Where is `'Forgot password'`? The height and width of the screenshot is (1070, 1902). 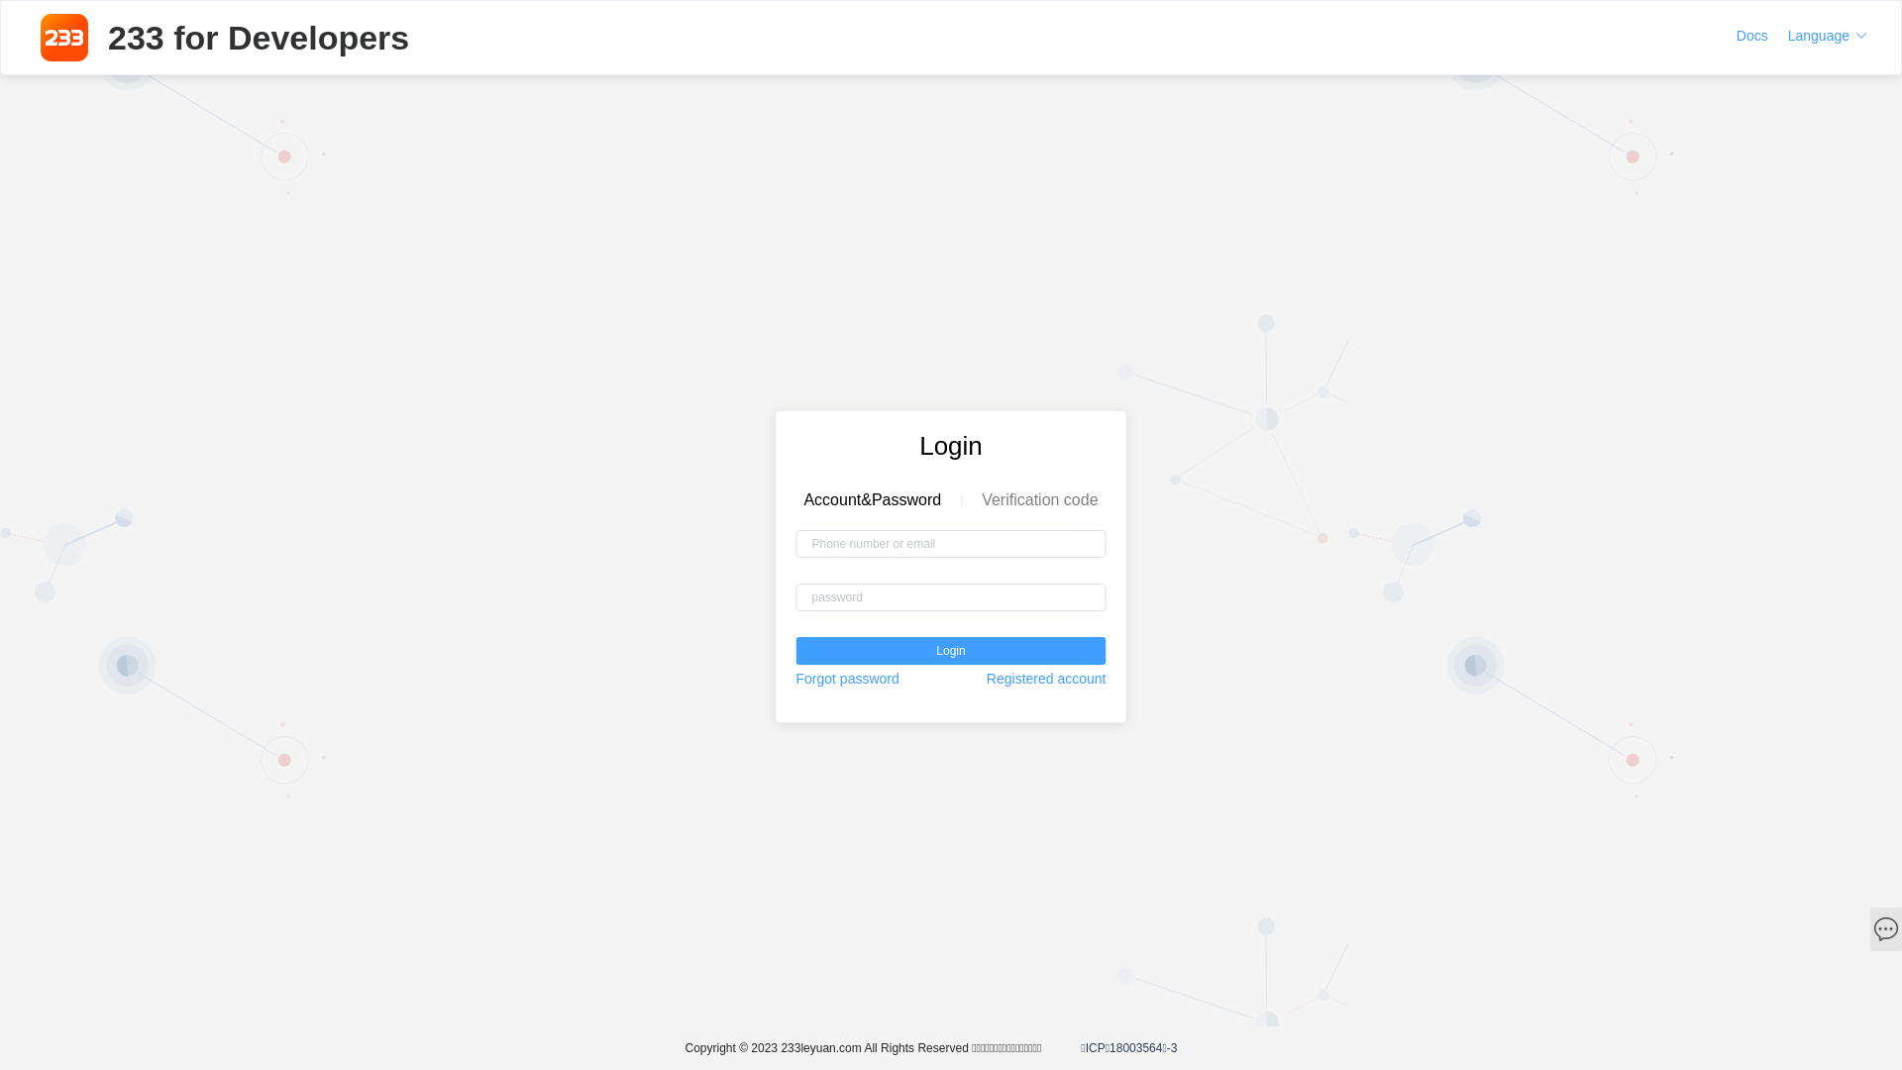
'Forgot password' is located at coordinates (847, 678).